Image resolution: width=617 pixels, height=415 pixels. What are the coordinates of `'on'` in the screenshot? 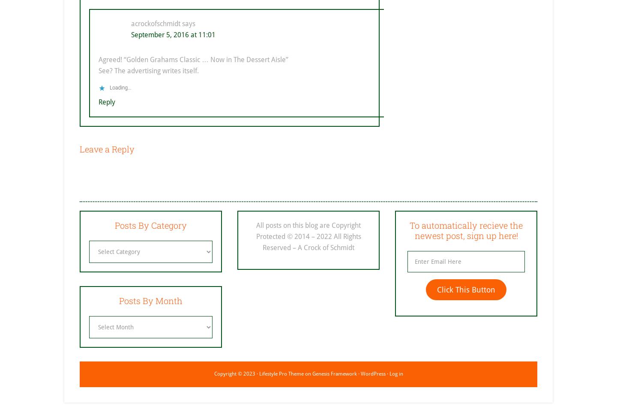 It's located at (307, 373).